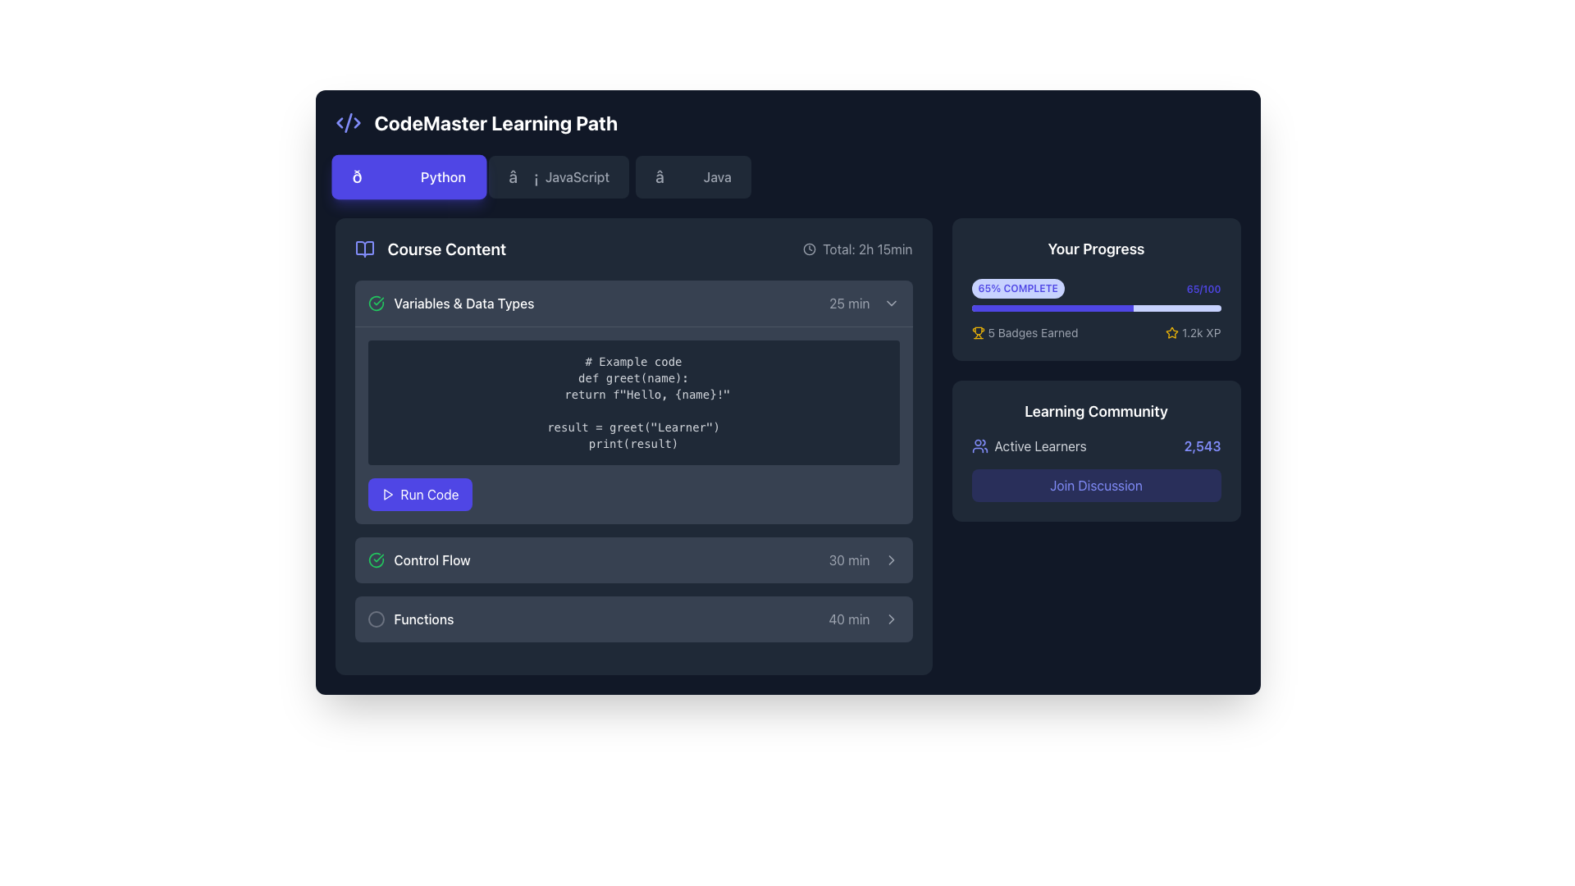  I want to click on the 'Run Code' text label on the purple button located at the bottom left of the 'Variables & Data Types' section, so click(429, 493).